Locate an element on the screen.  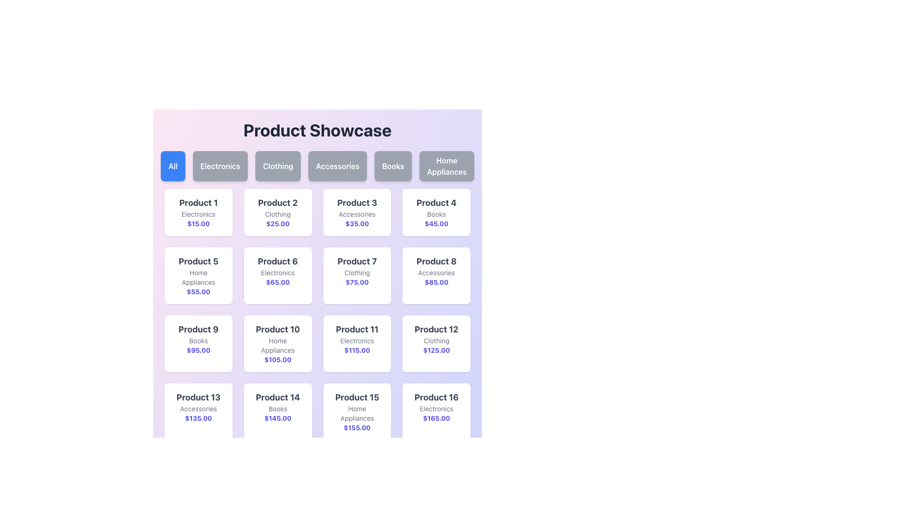
the price label indicating the cost of the product in the product card for 'Product 4' in the fourth column of the grid layout is located at coordinates (436, 224).